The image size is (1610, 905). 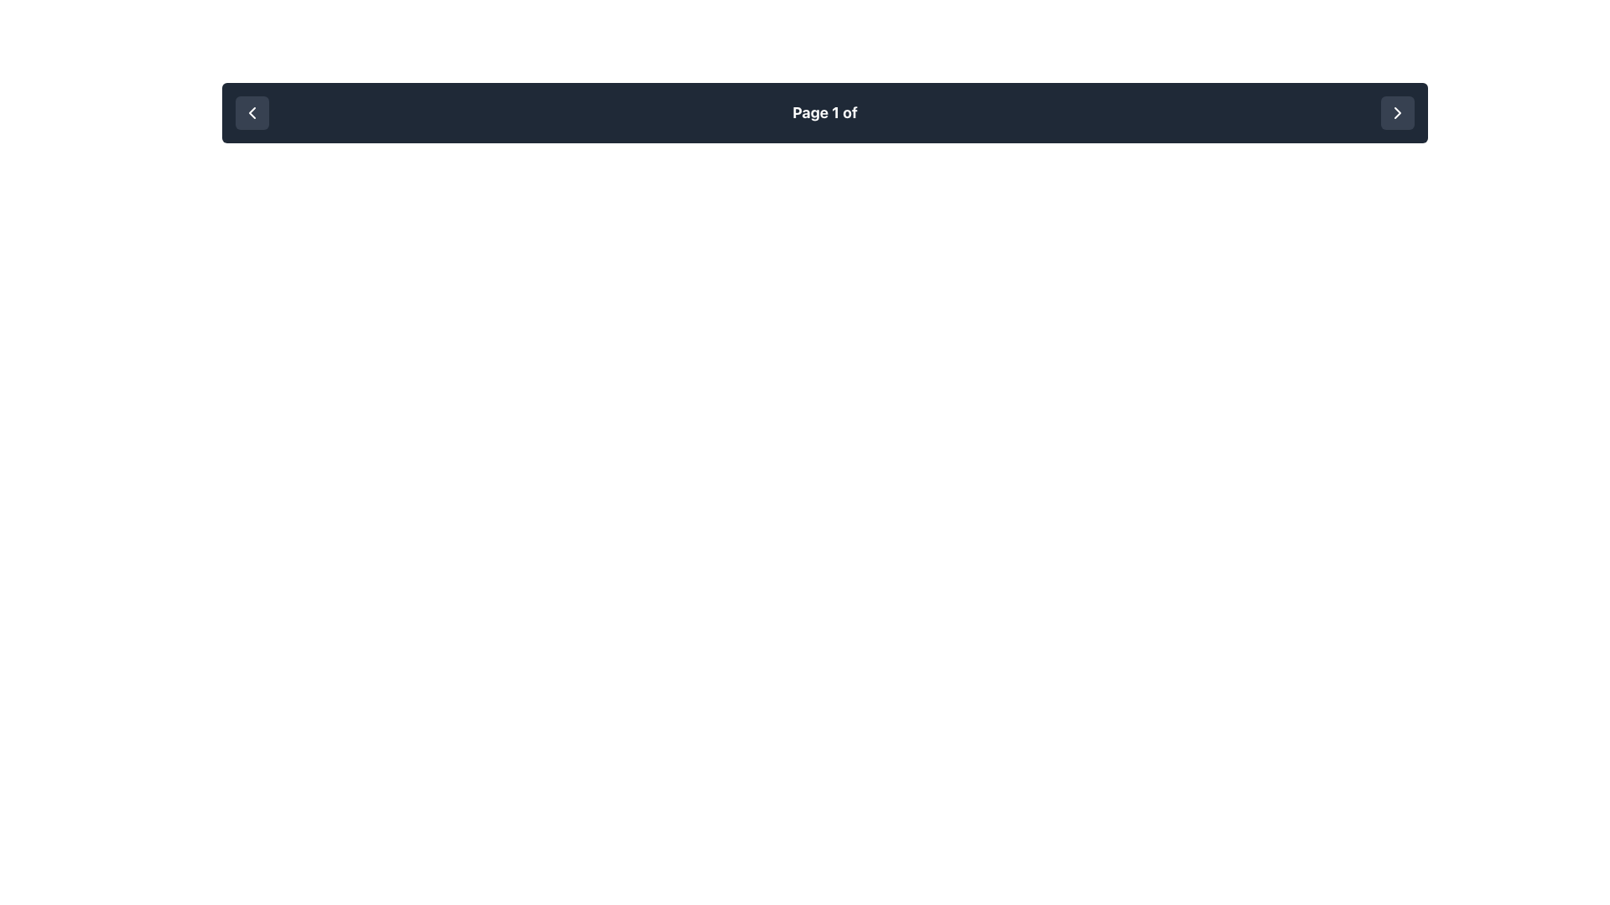 What do you see at coordinates (252, 113) in the screenshot?
I see `the back arrow icon located on the leftmost side of the header bar` at bounding box center [252, 113].